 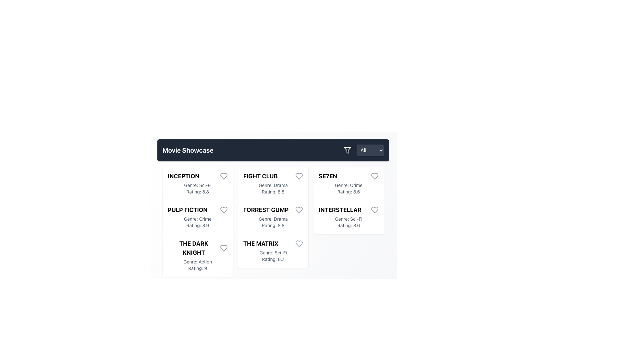 What do you see at coordinates (281, 252) in the screenshot?
I see `the text label displaying 'Sci-Fi' in a slightly bold dark gray font, located below 'The Matrix' title and above the rating information` at bounding box center [281, 252].